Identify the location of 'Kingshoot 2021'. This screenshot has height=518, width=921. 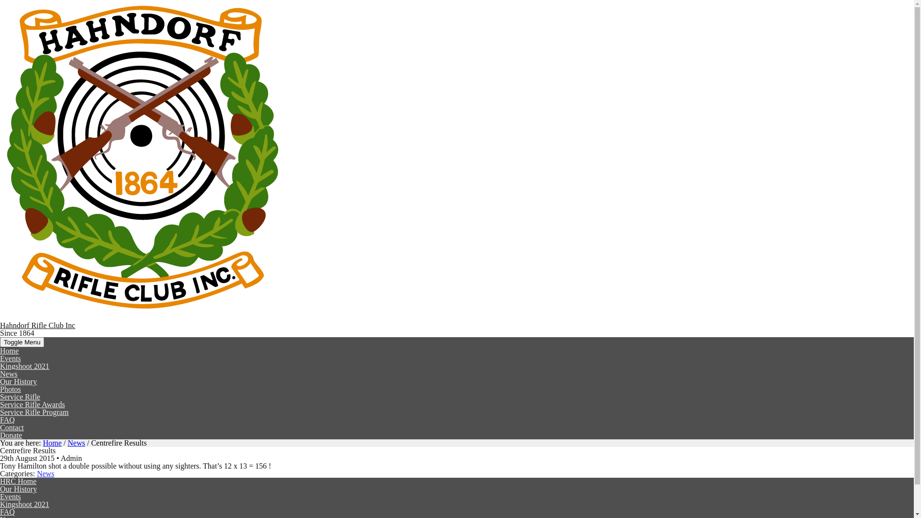
(0, 366).